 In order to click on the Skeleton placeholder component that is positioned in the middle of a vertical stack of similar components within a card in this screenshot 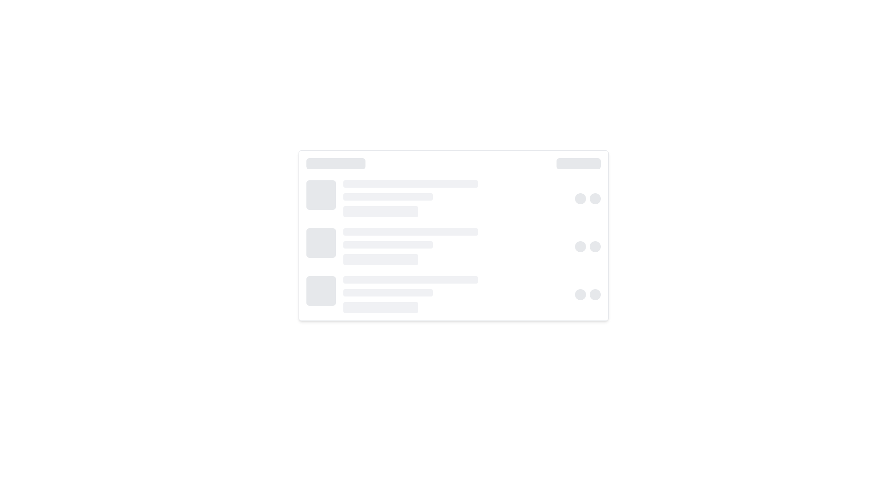, I will do `click(454, 246)`.